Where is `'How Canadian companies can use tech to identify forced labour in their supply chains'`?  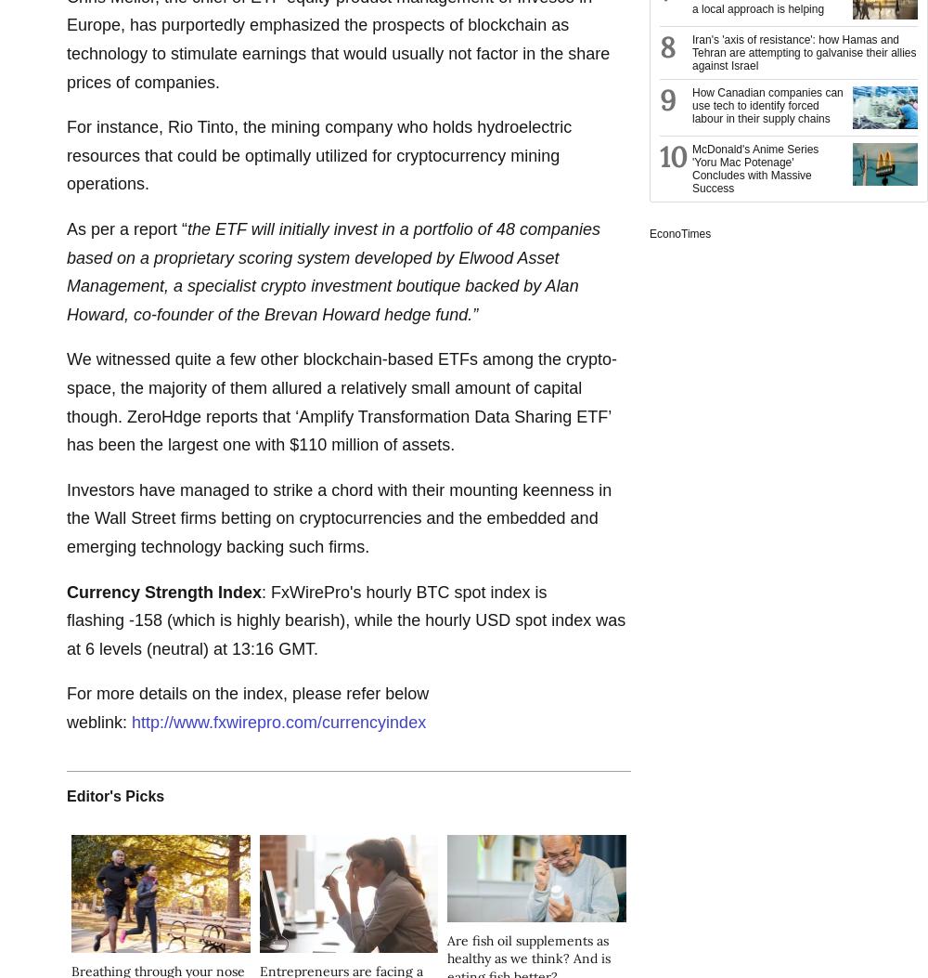
'How Canadian companies can use tech to identify forced labour in their supply chains' is located at coordinates (691, 106).